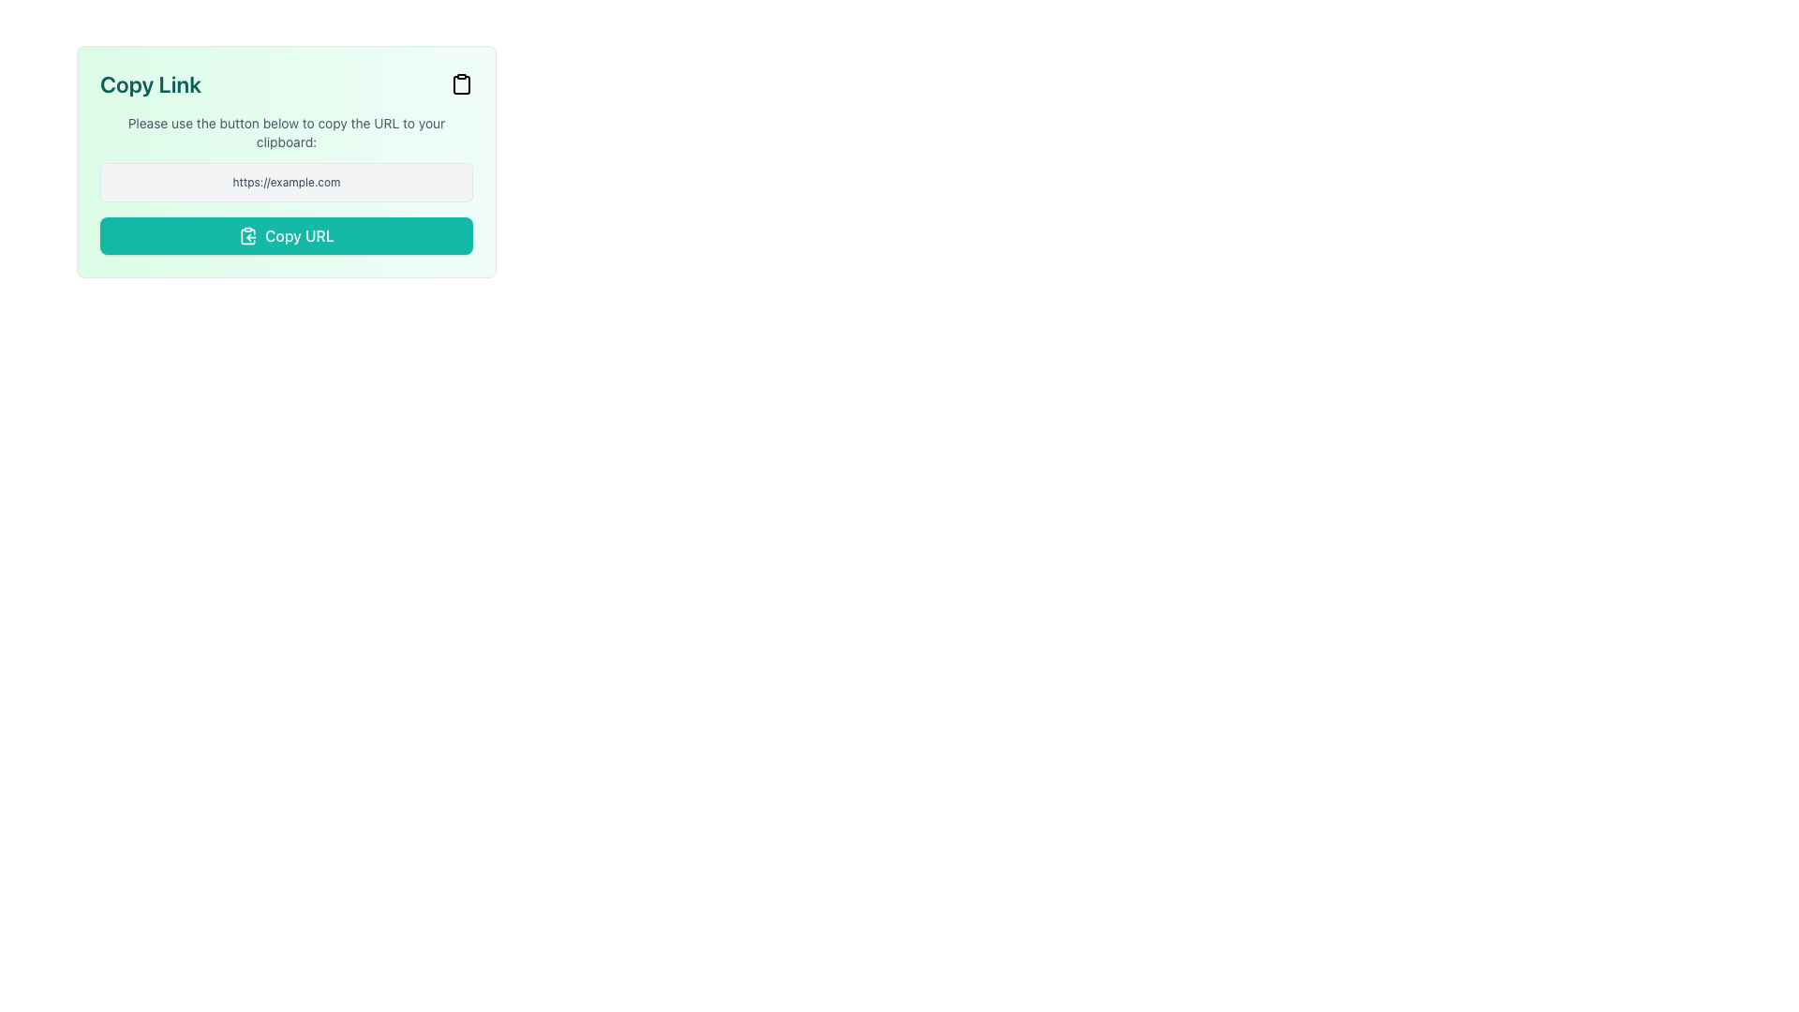  Describe the element at coordinates (462, 85) in the screenshot. I see `the clipboard icon located at the top-right corner of the card, which serves as a button for clipboard-related actions` at that location.